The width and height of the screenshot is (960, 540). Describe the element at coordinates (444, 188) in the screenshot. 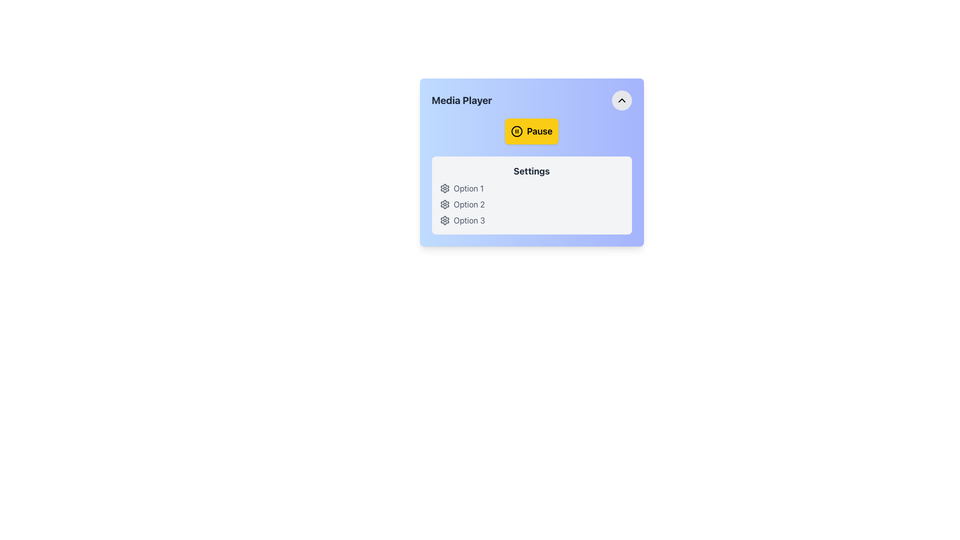

I see `the gear icon located in the top-left corner of the settings list, adjacent to the text 'Option 1'` at that location.